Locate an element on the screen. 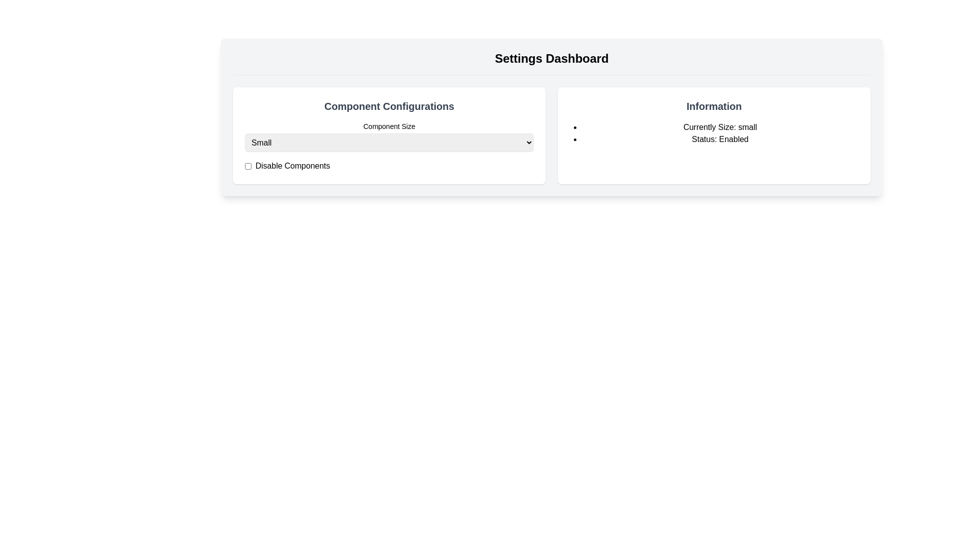 The image size is (964, 542). the title of the Settings configuration panel is located at coordinates (389, 135).